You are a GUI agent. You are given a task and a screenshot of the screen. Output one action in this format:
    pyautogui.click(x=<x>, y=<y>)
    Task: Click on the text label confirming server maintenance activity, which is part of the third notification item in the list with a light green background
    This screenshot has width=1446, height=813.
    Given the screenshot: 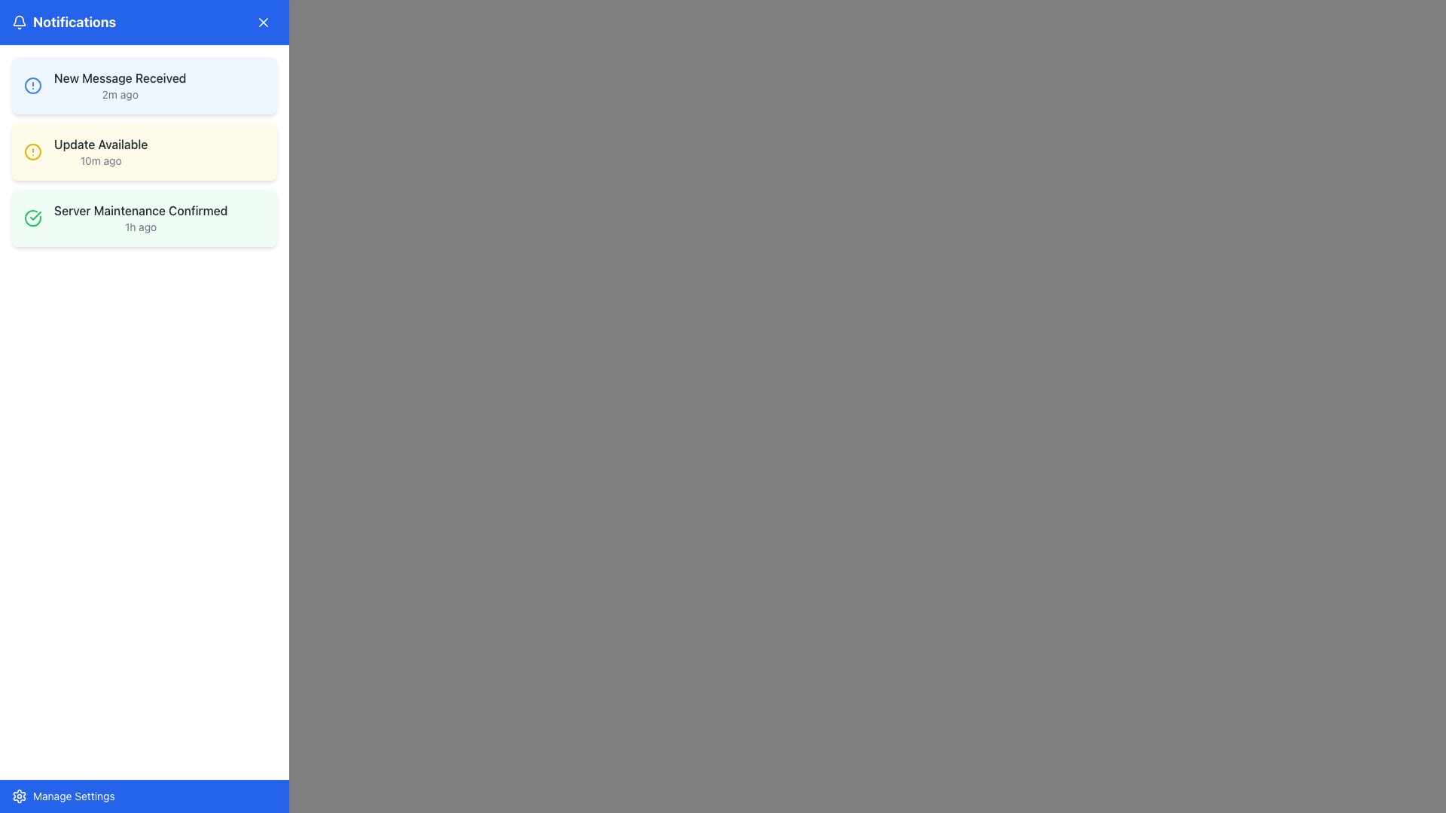 What is the action you would take?
    pyautogui.click(x=141, y=211)
    